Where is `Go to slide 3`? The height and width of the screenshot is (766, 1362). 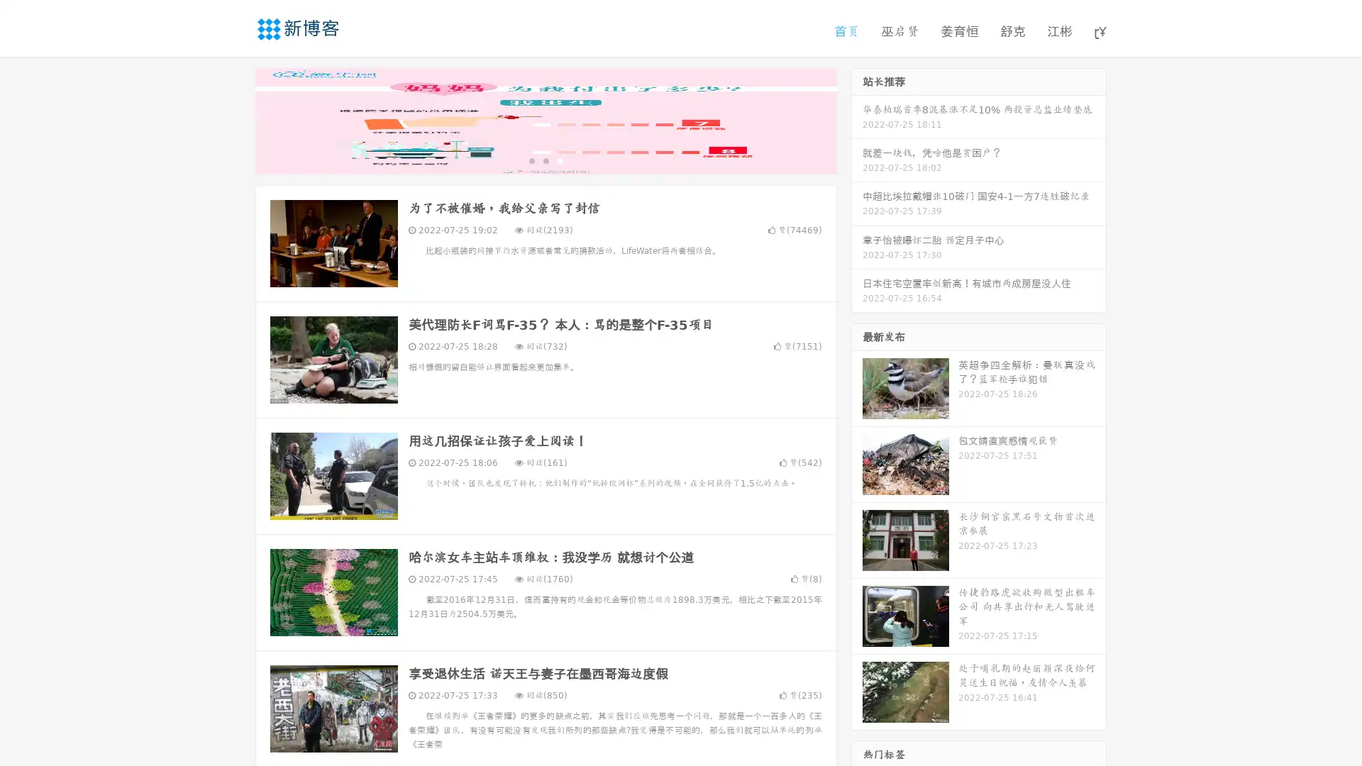 Go to slide 3 is located at coordinates (560, 160).